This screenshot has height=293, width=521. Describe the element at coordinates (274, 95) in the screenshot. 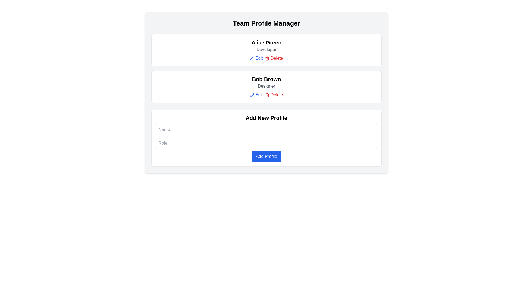

I see `the red 'Delete' text label button which is the second option in the action group for the 'Bob Brown' profile` at that location.